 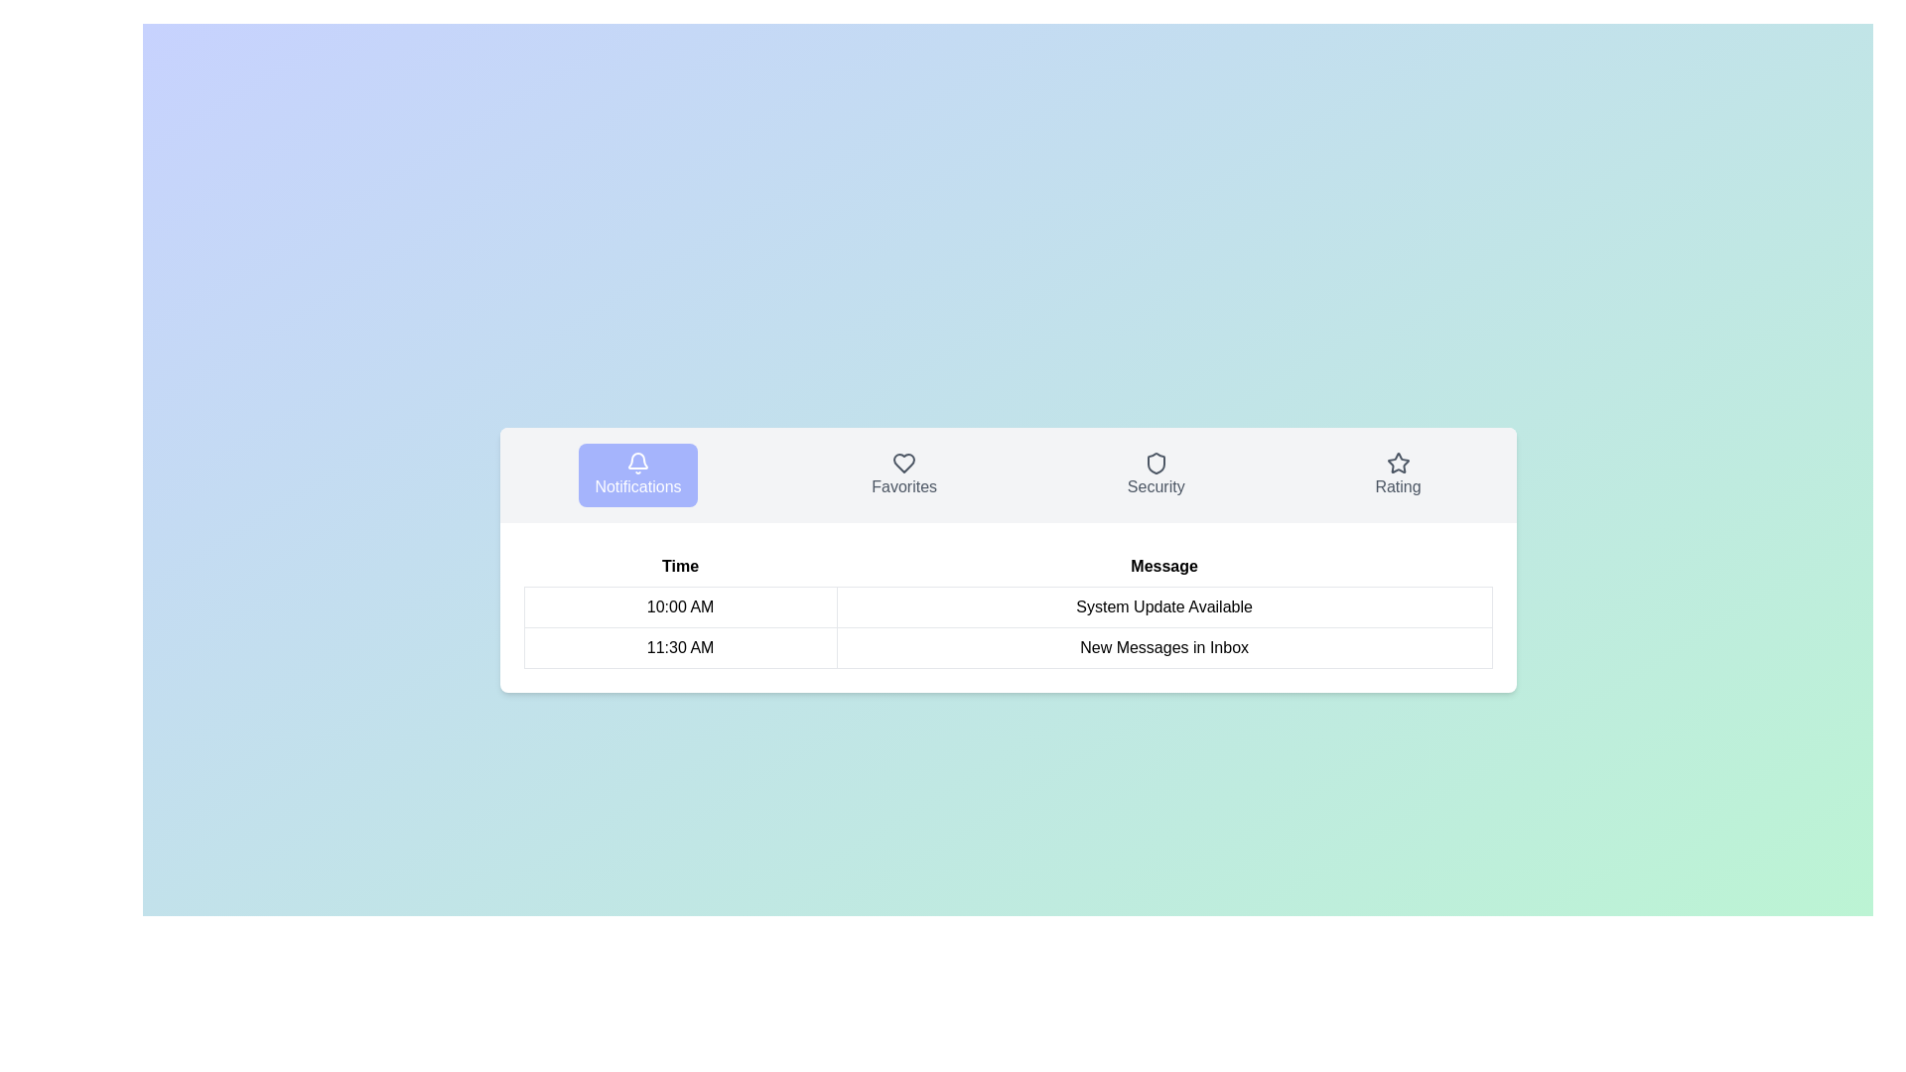 I want to click on the 'Security' button that features a shield icon above and is gray in color, located in the third position from the left in the horizontal menu bar, so click(x=1156, y=474).